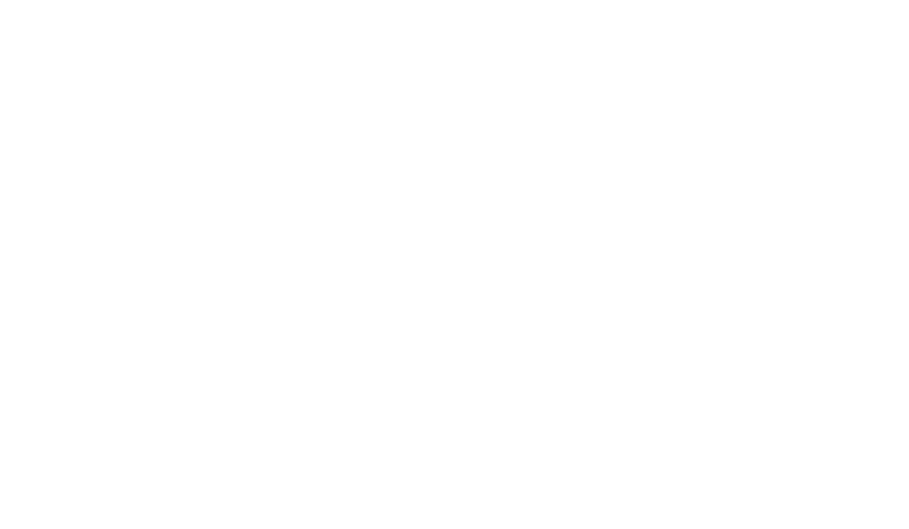 Image resolution: width=909 pixels, height=529 pixels. Describe the element at coordinates (155, 424) in the screenshot. I see `'Years Open'` at that location.